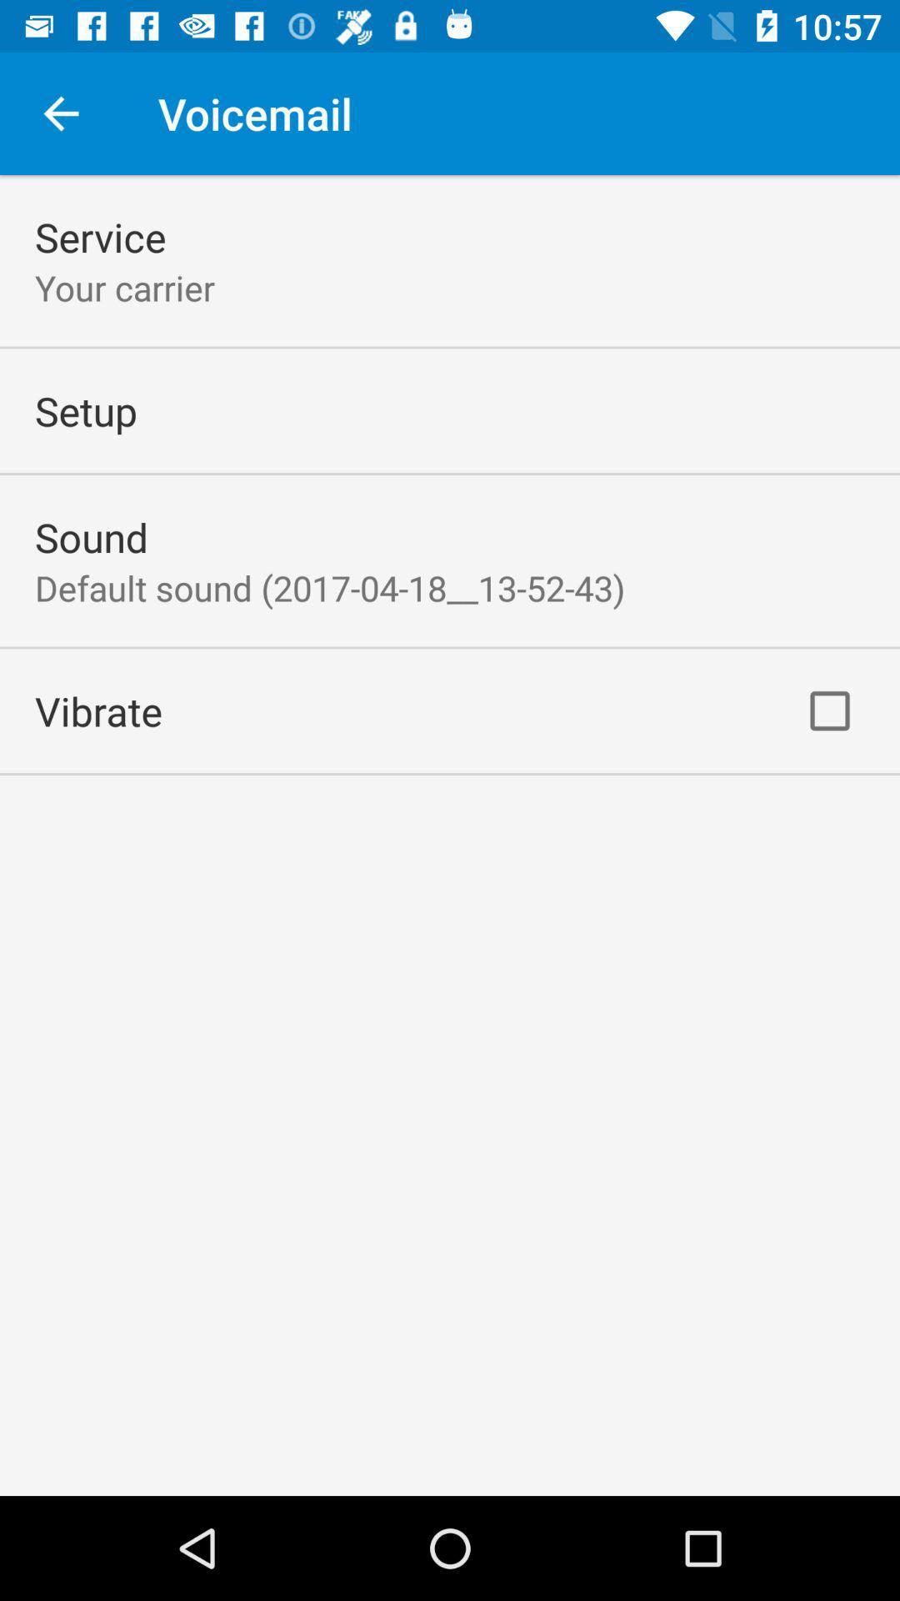 This screenshot has height=1601, width=900. I want to click on the app below the sound app, so click(330, 588).